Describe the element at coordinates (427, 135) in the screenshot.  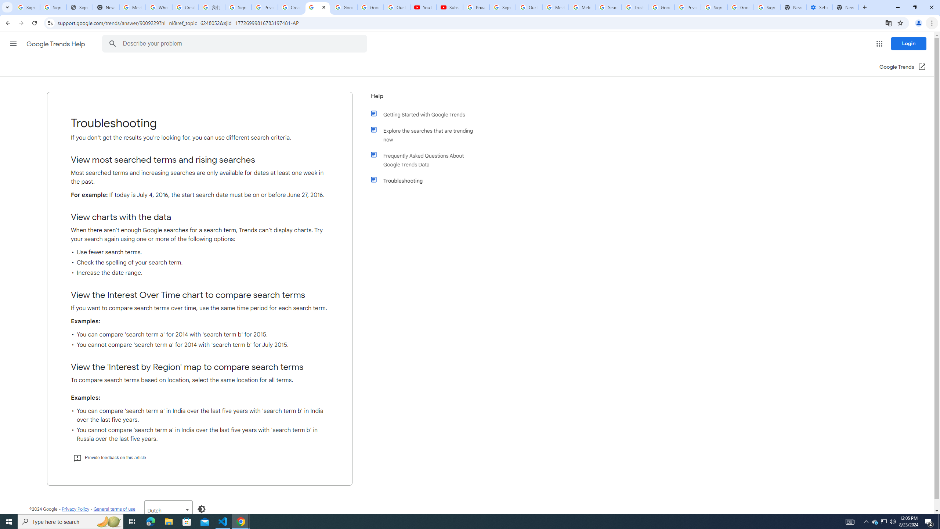
I see `'Explore the searches that are trending now'` at that location.